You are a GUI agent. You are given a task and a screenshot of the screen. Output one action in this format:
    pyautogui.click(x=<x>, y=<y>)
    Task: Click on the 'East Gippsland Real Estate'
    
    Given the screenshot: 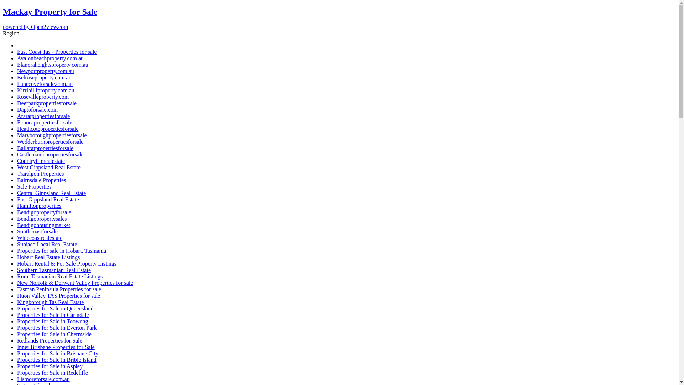 What is the action you would take?
    pyautogui.click(x=47, y=199)
    